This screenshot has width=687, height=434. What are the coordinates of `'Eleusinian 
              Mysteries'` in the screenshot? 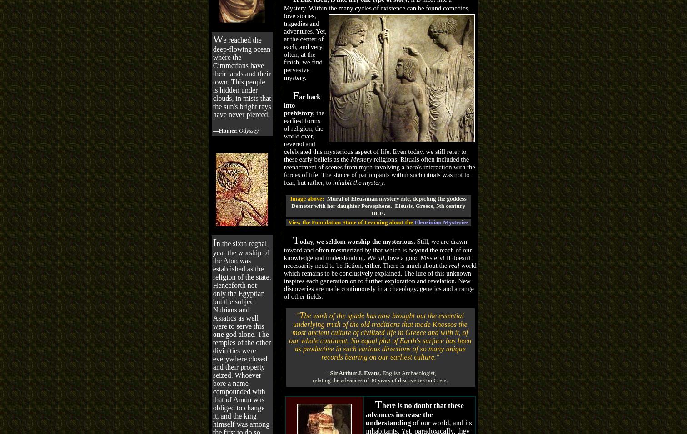 It's located at (441, 221).